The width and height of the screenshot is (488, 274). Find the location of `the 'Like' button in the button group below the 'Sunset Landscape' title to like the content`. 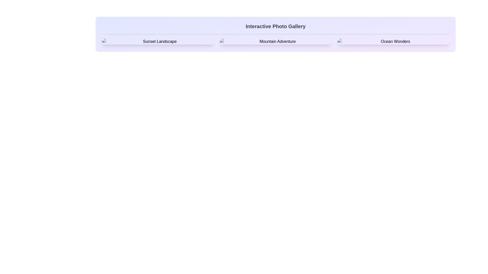

the 'Like' button in the button group below the 'Sunset Landscape' title to like the content is located at coordinates (157, 47).